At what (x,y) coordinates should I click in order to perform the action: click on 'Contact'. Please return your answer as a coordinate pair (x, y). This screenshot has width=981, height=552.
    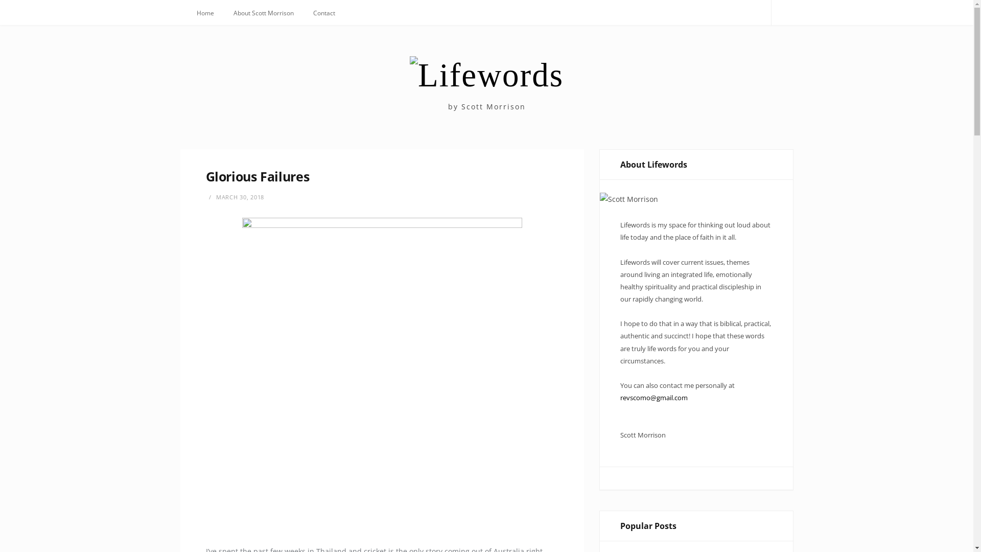
    Looking at the image, I should click on (323, 13).